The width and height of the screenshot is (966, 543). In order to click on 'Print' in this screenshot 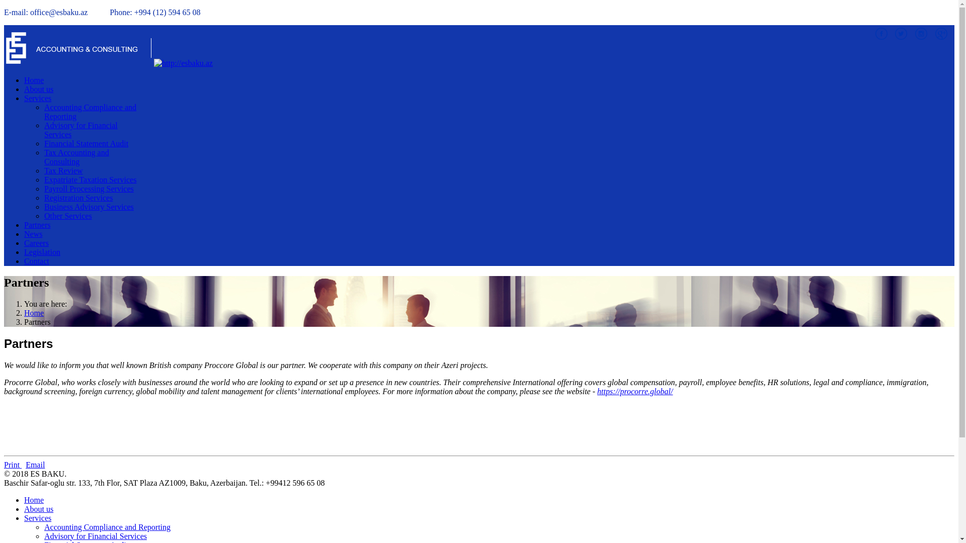, I will do `click(4, 465)`.